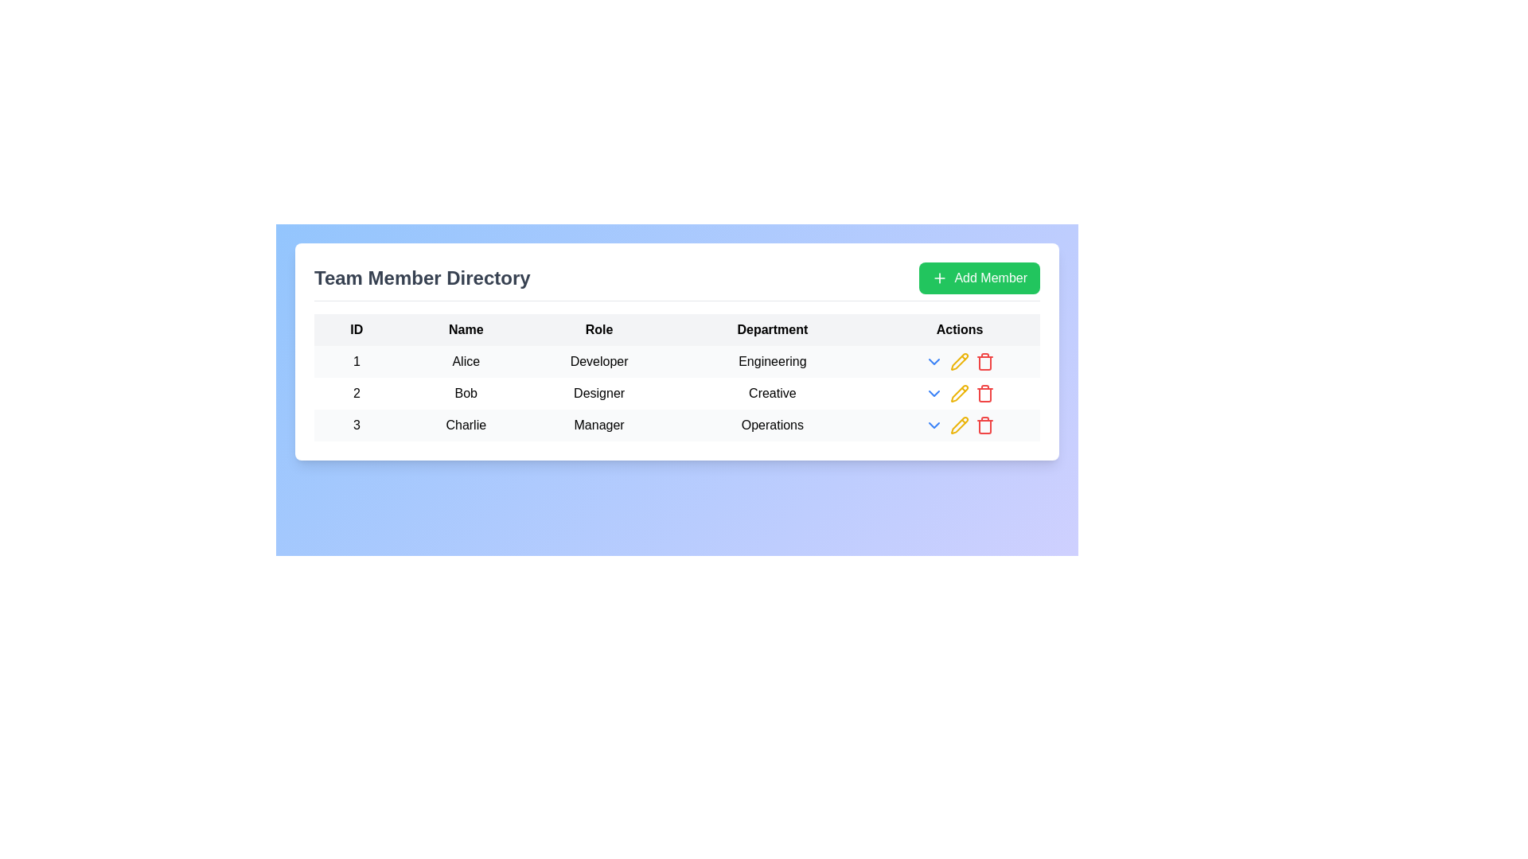 This screenshot has height=859, width=1528. I want to click on the bold label with the text '2' in the first cell of the second row of the 'Team Member Directory' table, so click(356, 393).